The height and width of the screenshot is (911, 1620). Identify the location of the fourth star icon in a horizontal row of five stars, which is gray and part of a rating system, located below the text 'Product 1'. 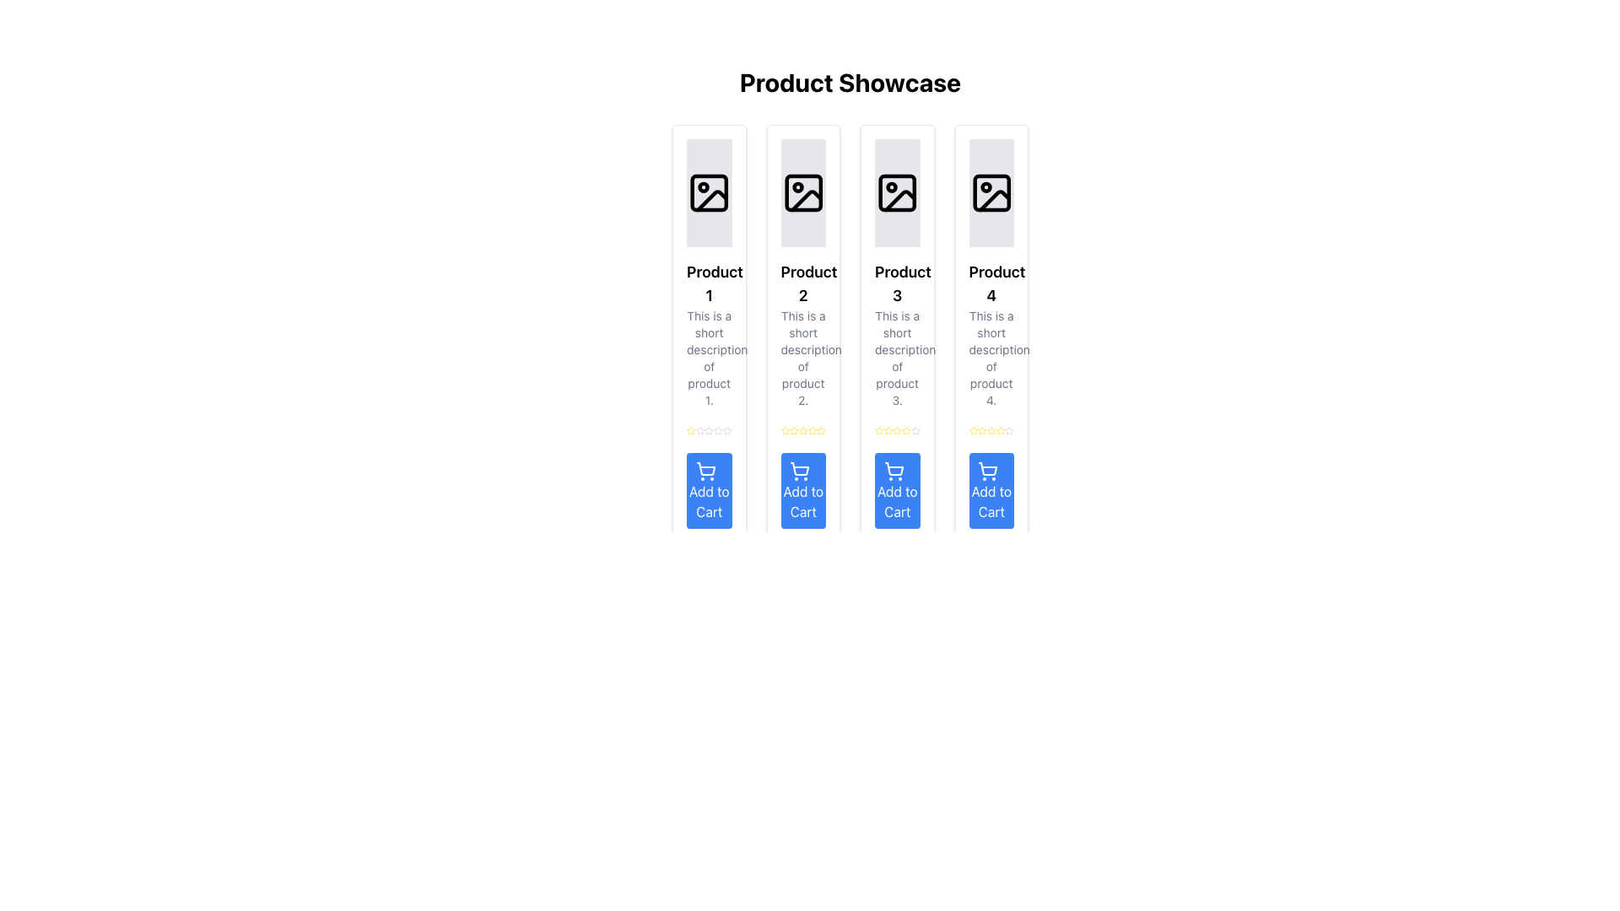
(709, 429).